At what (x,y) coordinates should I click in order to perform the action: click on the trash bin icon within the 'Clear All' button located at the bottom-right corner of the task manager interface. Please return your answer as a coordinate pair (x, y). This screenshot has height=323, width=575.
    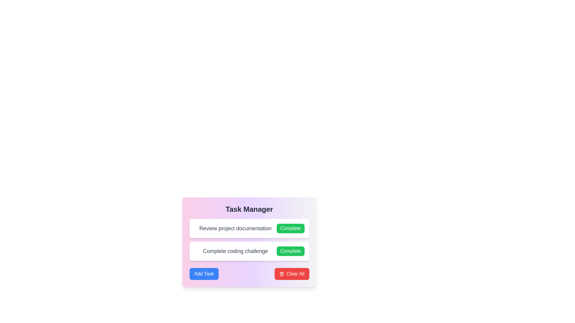
    Looking at the image, I should click on (281, 274).